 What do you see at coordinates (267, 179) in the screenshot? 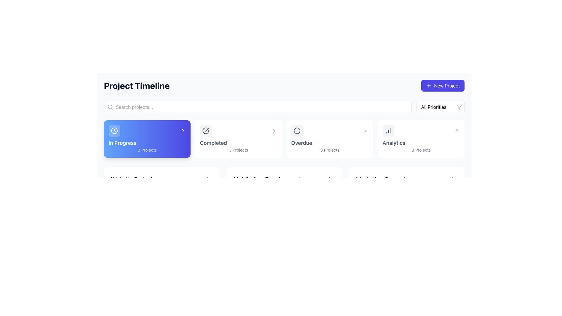
I see `the text label displaying 'Mobile App Development', which is in a bold, large font and located below the sections labeled 'In Progress' and 'Completed'` at bounding box center [267, 179].